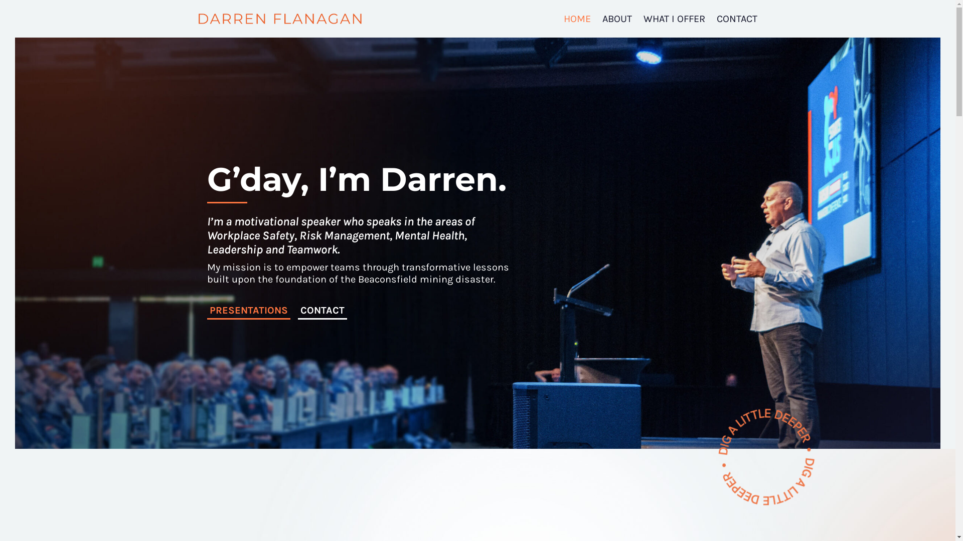 Image resolution: width=963 pixels, height=541 pixels. I want to click on 'CONTACT', so click(715, 19).